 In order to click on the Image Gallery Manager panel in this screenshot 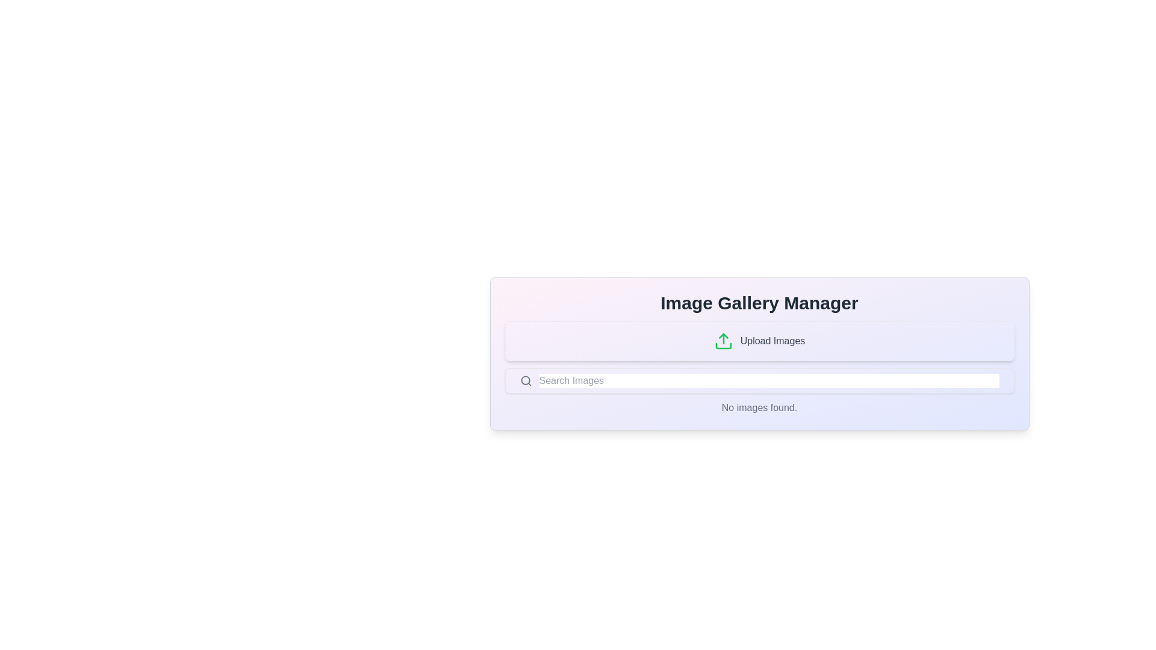, I will do `click(759, 353)`.